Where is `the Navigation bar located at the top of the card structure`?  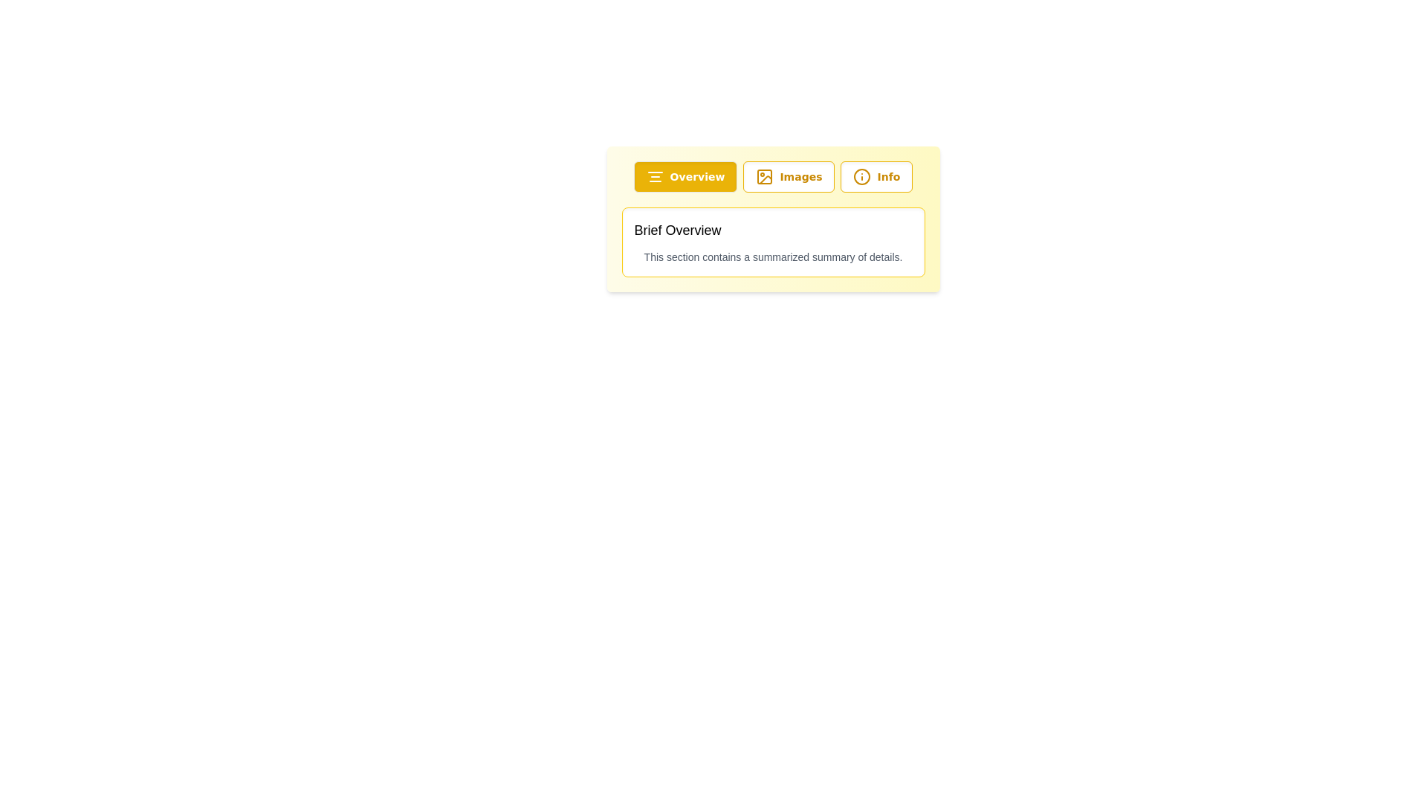 the Navigation bar located at the top of the card structure is located at coordinates (773, 176).